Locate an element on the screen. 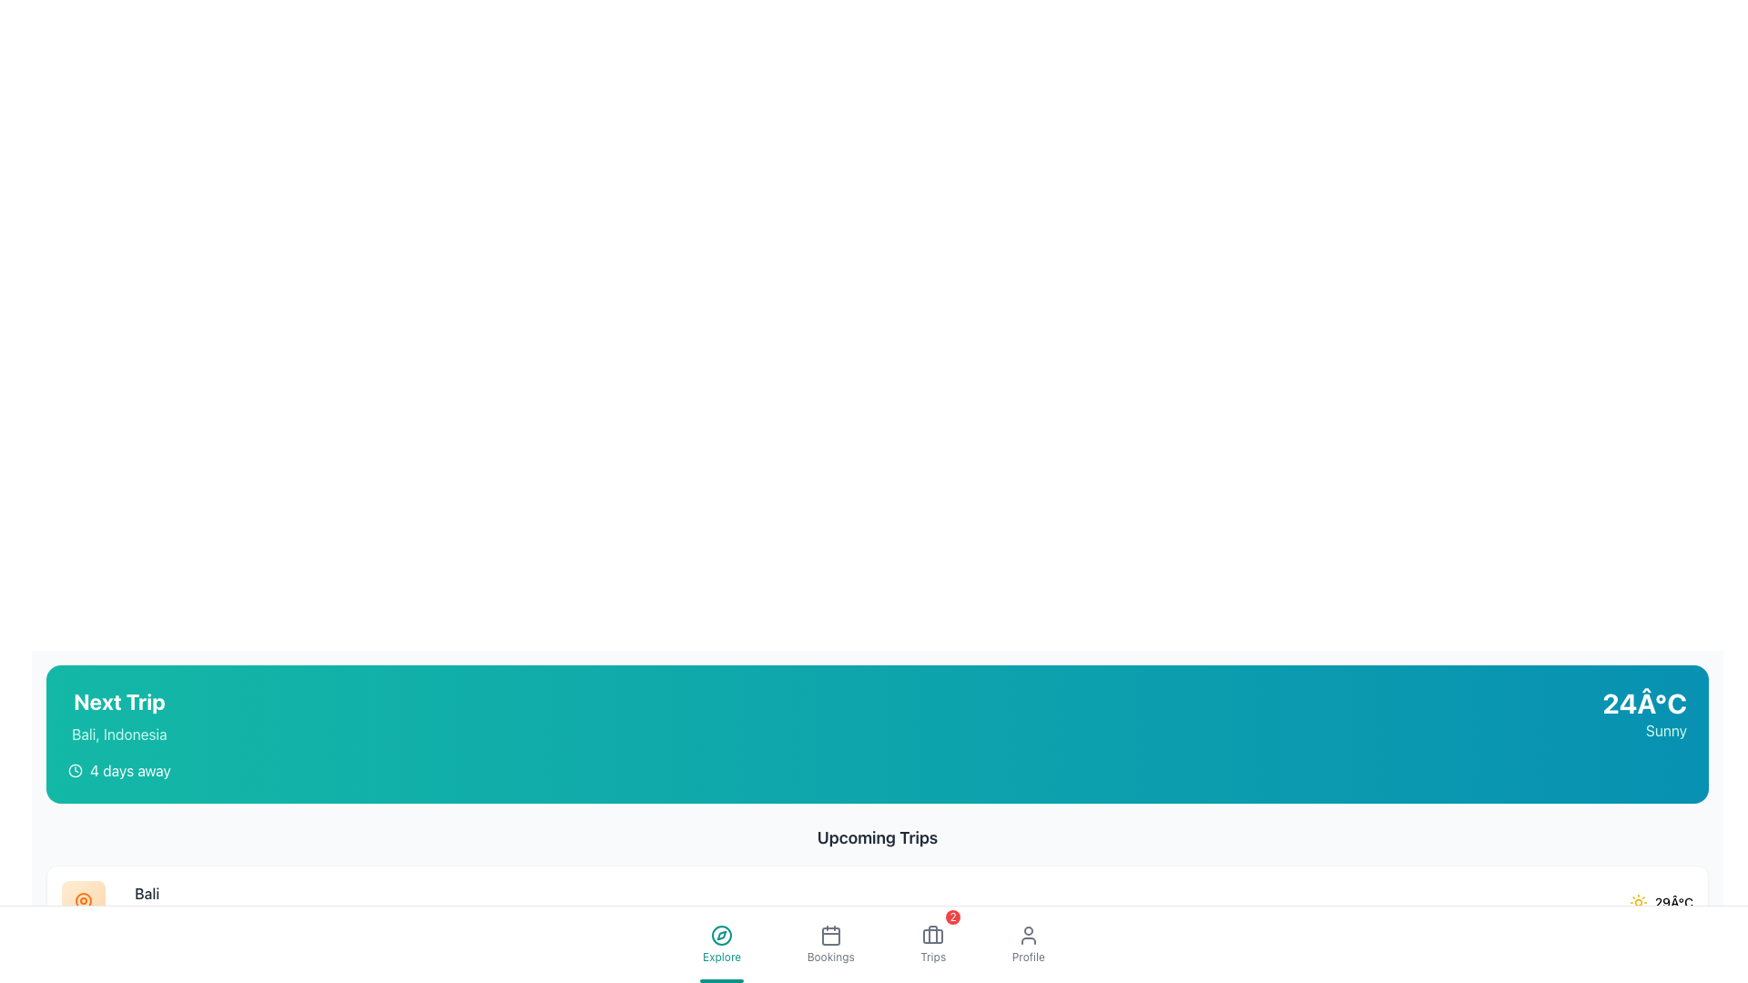 The width and height of the screenshot is (1748, 983). the SVG circle element that represents a clock, located in the 'Next Trip' card near the text '4 days away' is located at coordinates (74, 771).